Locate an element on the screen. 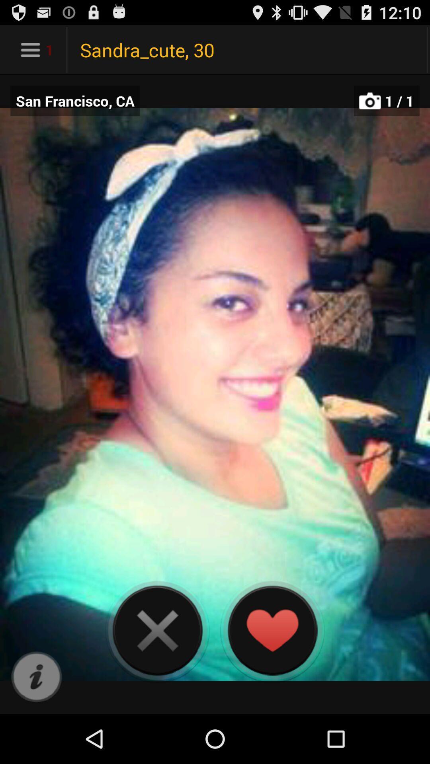 The image size is (430, 764). refuse is located at coordinates (157, 630).